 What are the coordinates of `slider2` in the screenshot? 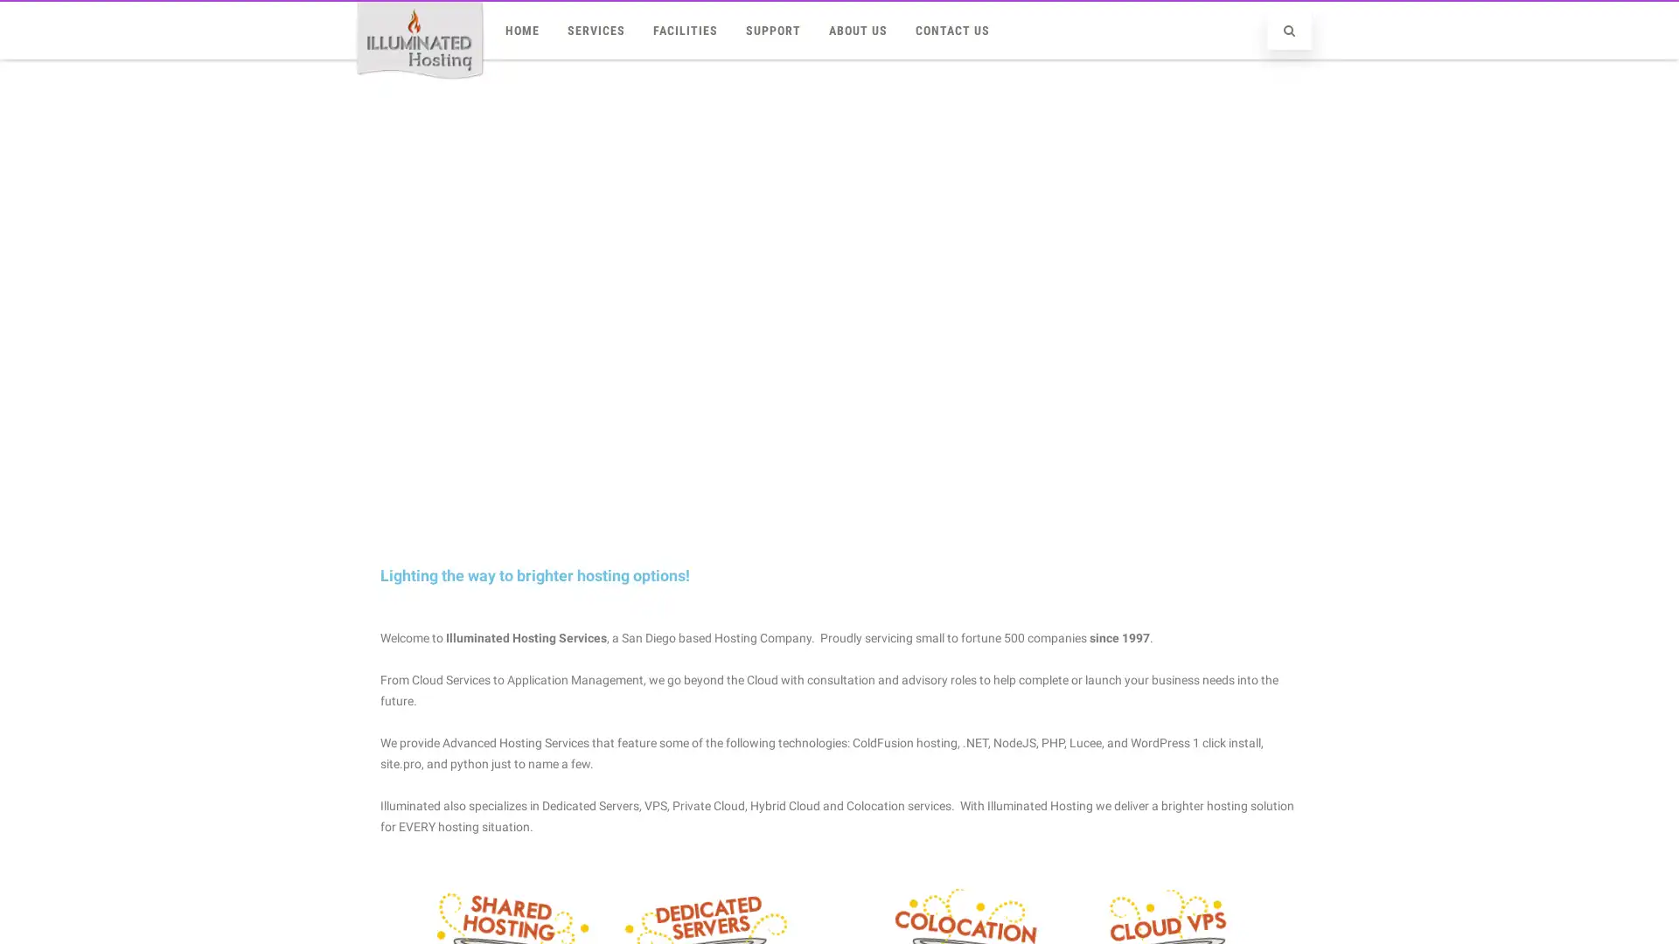 It's located at (847, 564).